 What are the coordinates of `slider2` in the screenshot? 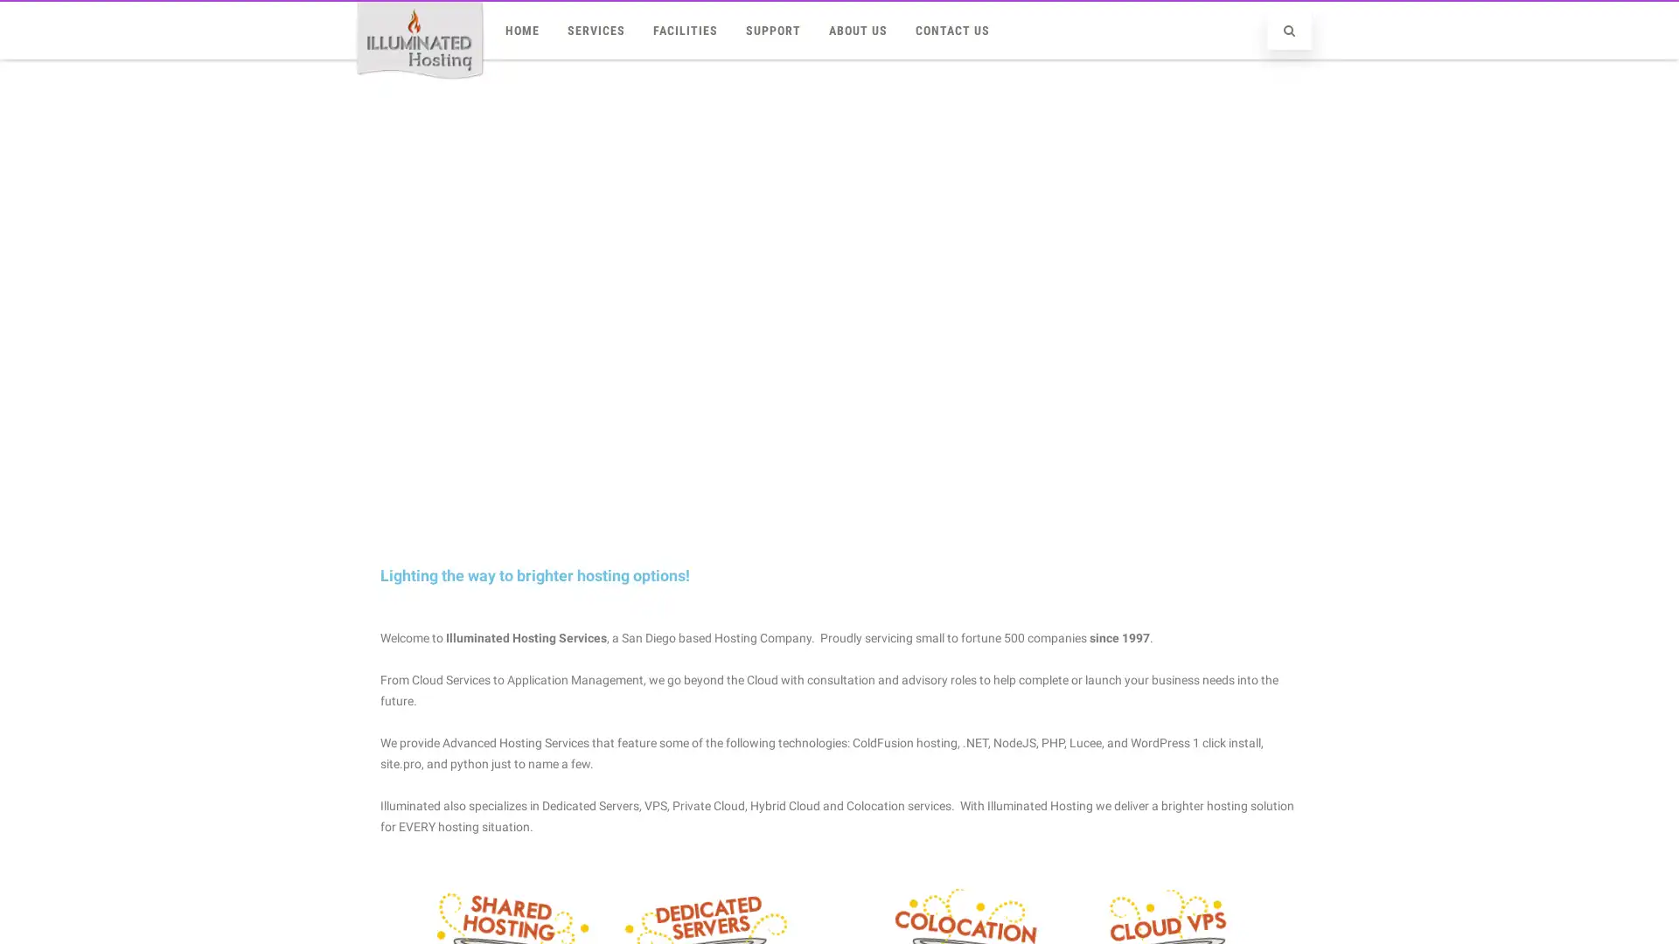 It's located at (847, 564).